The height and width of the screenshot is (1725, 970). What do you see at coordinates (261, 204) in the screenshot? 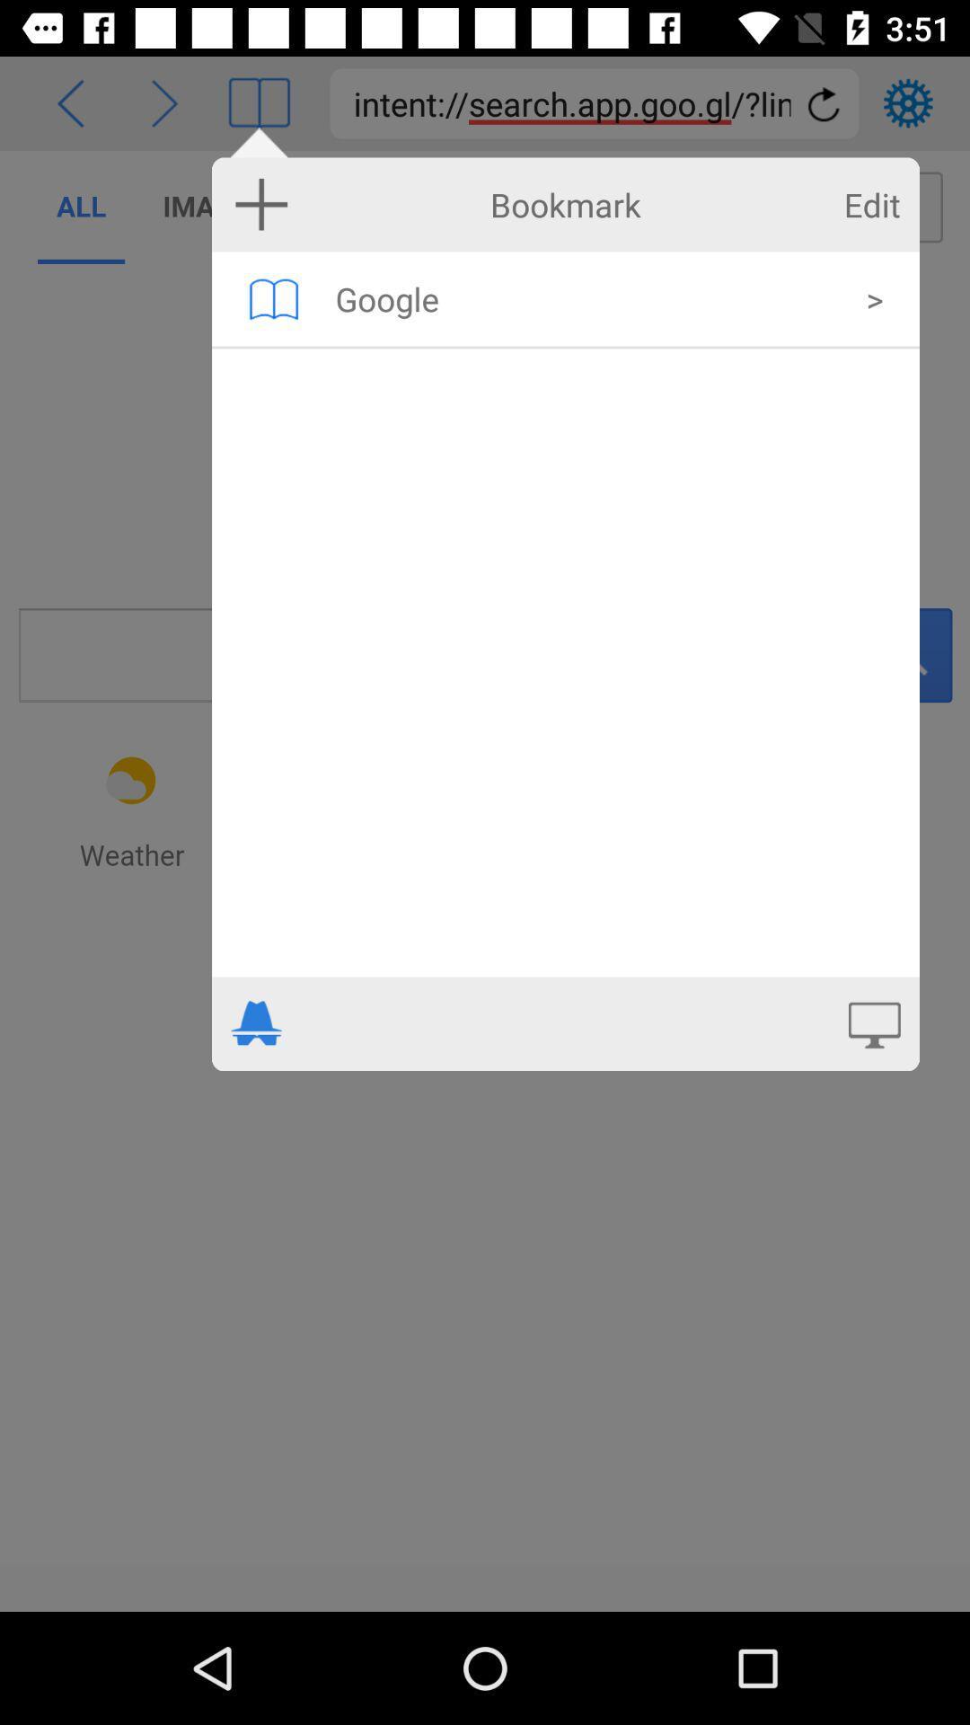
I see `bookmark` at bounding box center [261, 204].